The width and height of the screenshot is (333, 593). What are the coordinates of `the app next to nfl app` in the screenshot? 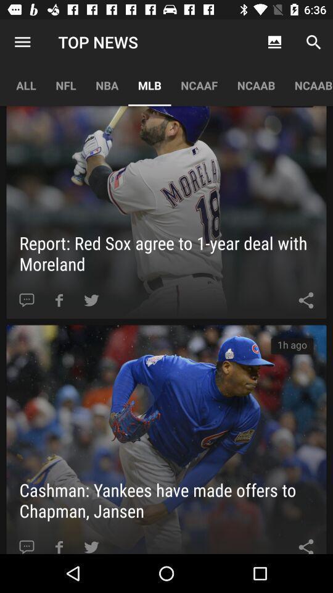 It's located at (22, 42).